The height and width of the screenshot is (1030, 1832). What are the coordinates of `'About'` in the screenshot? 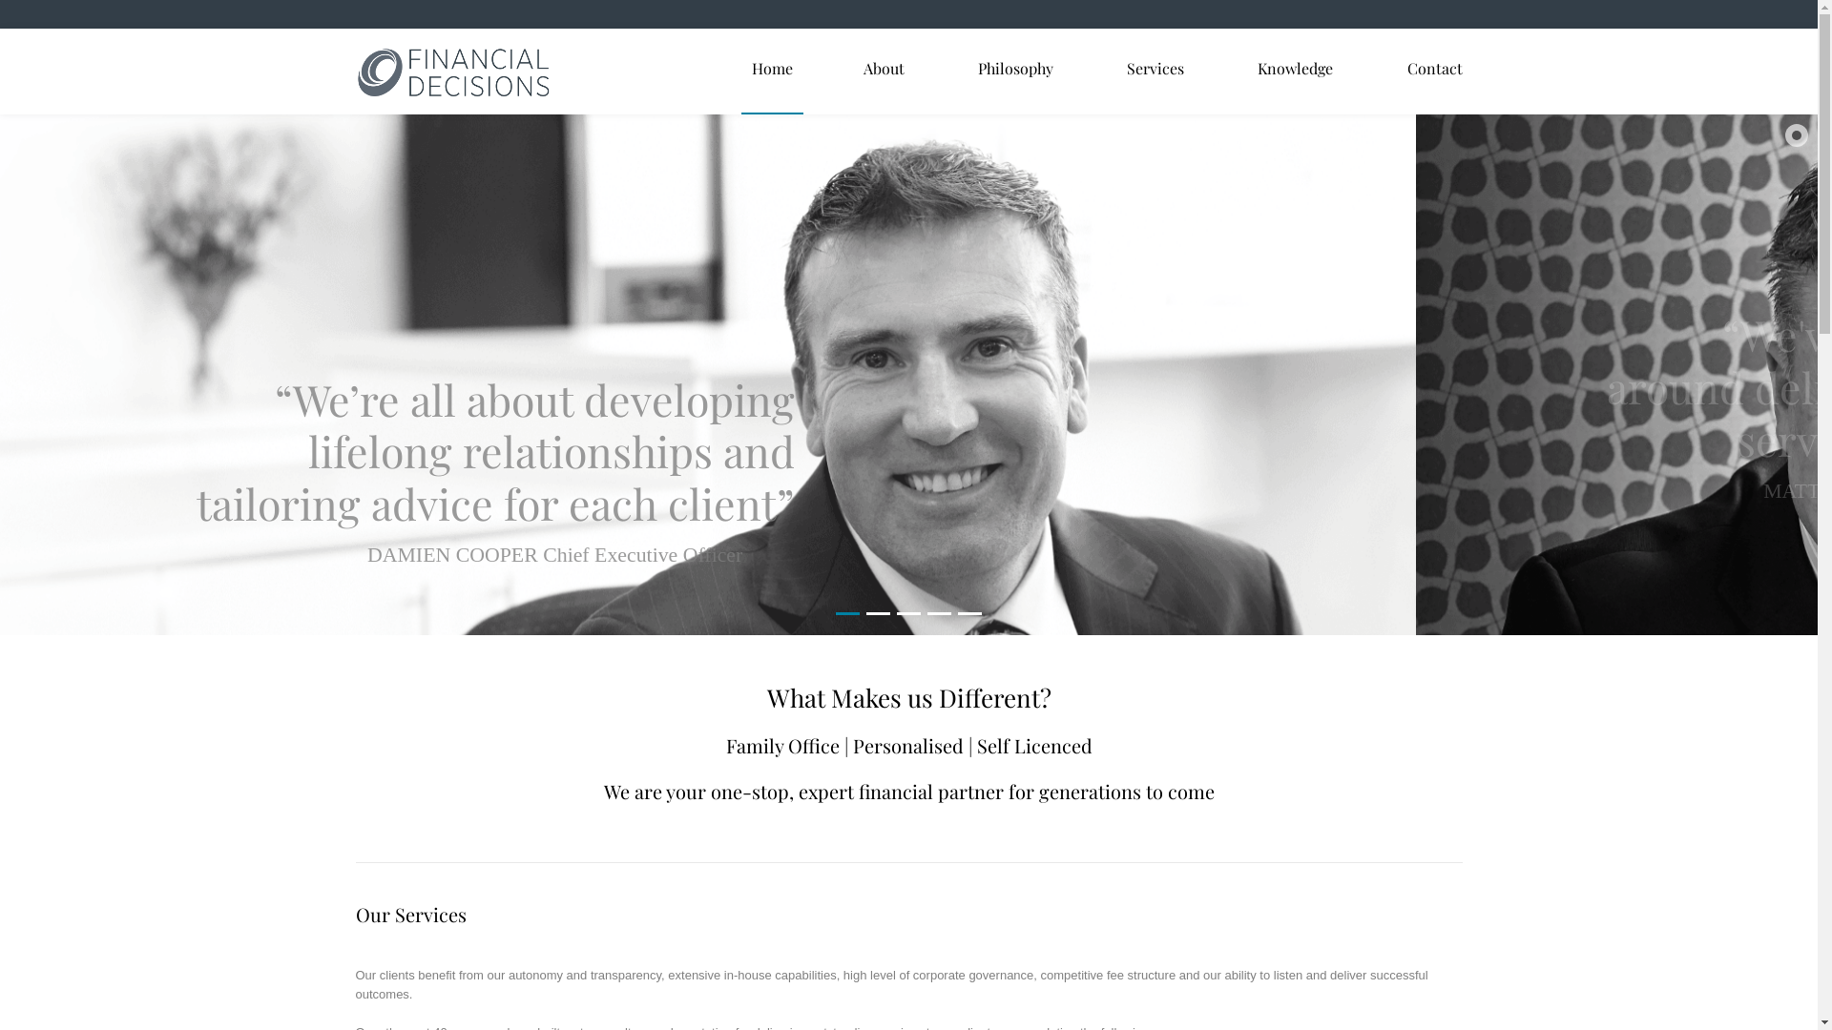 It's located at (882, 68).